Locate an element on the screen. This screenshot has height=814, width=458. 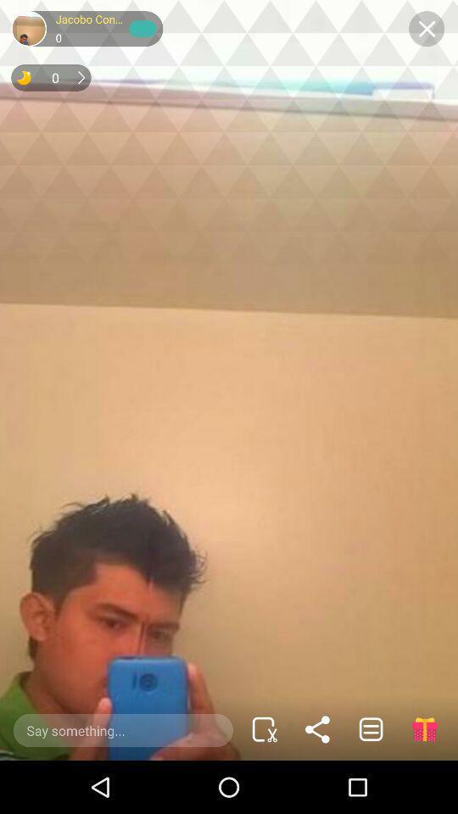
the close icon is located at coordinates (426, 28).